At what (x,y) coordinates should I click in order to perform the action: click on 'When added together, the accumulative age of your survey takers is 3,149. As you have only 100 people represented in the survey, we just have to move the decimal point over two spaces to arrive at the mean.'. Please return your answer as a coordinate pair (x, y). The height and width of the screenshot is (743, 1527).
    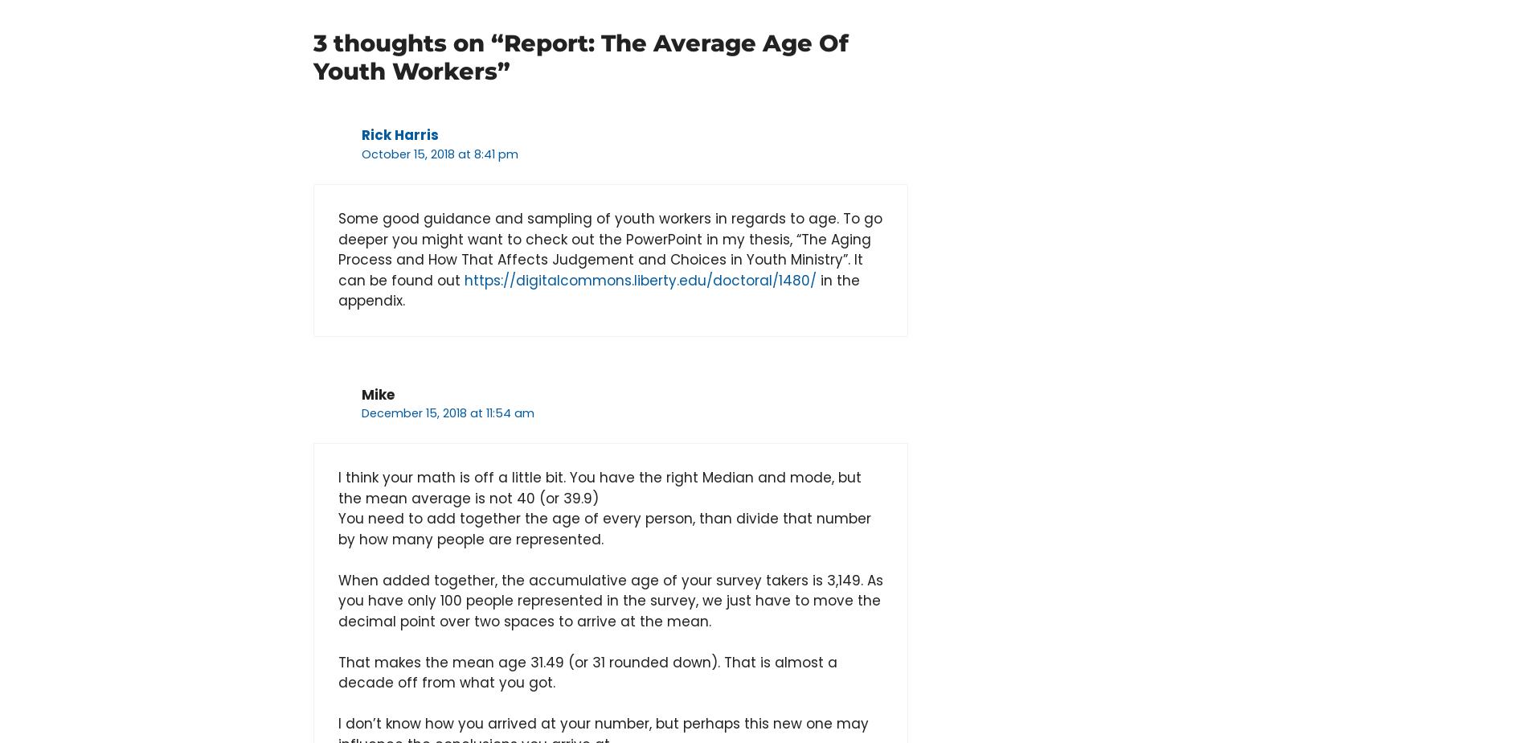
    Looking at the image, I should click on (610, 600).